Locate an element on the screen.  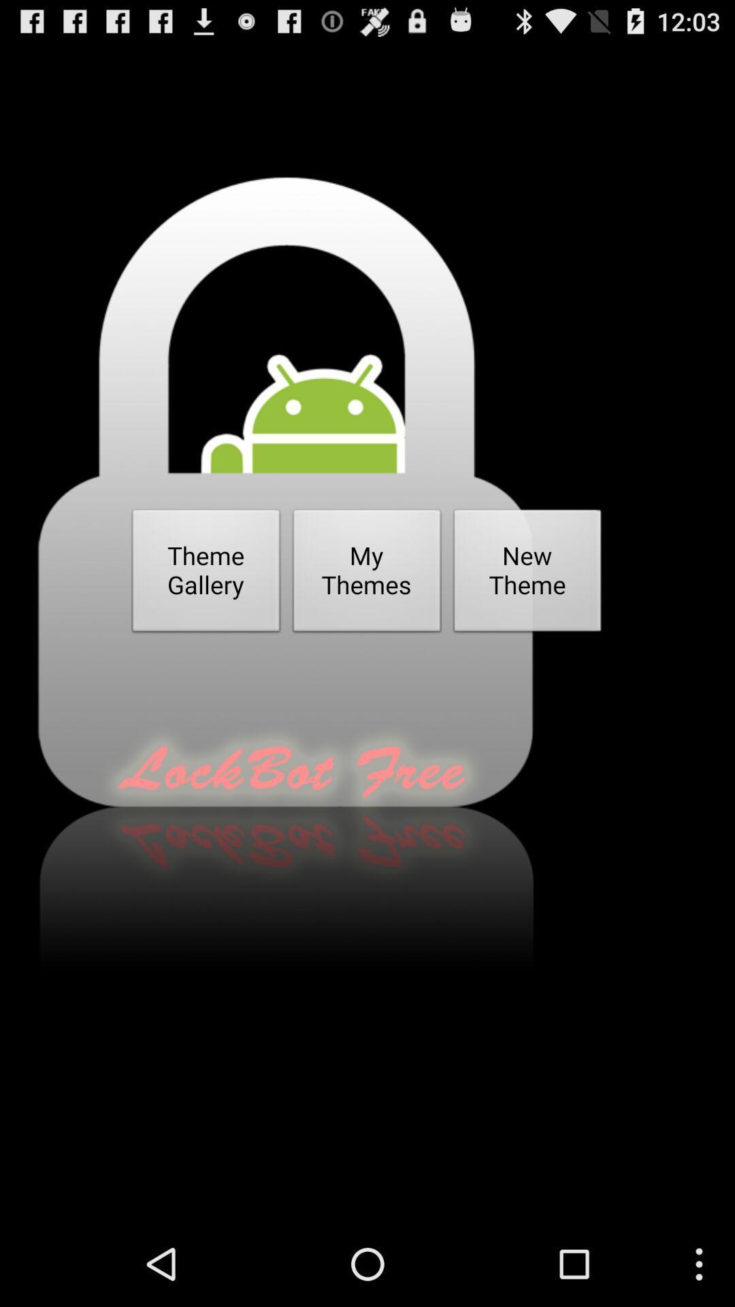
button next to the new theme button is located at coordinates (366, 575).